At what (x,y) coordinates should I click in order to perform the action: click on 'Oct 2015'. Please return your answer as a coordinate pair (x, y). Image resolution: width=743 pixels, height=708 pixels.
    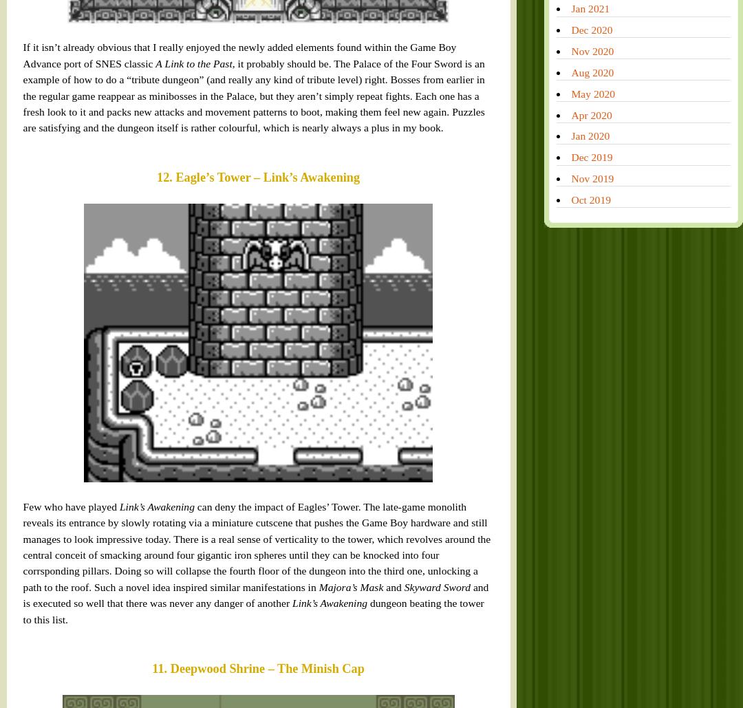
    Looking at the image, I should click on (492, 431).